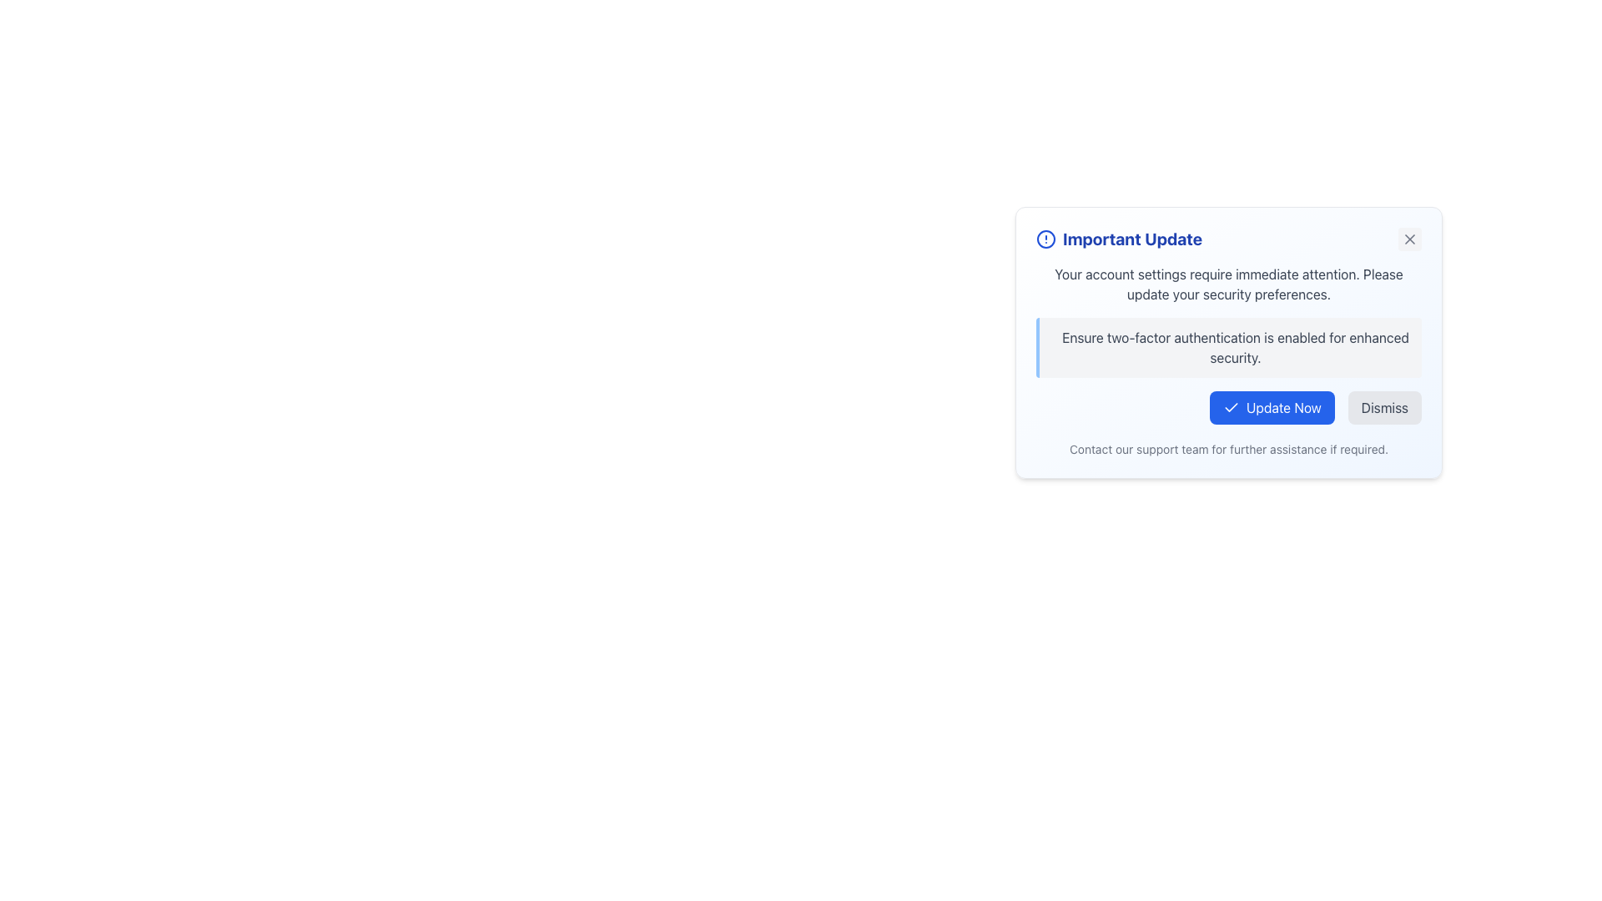  Describe the element at coordinates (1045, 239) in the screenshot. I see `the icon located to the very left side of the header labeled 'Important Update' at the top of the notification card` at that location.